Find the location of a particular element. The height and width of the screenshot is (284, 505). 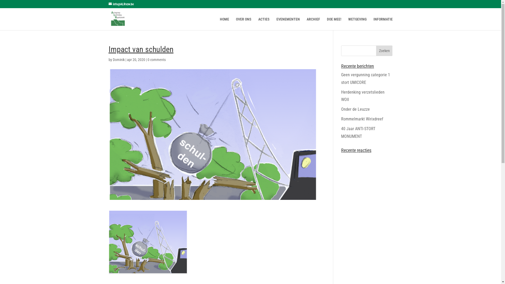

'info@ALRvzw.be' is located at coordinates (121, 4).